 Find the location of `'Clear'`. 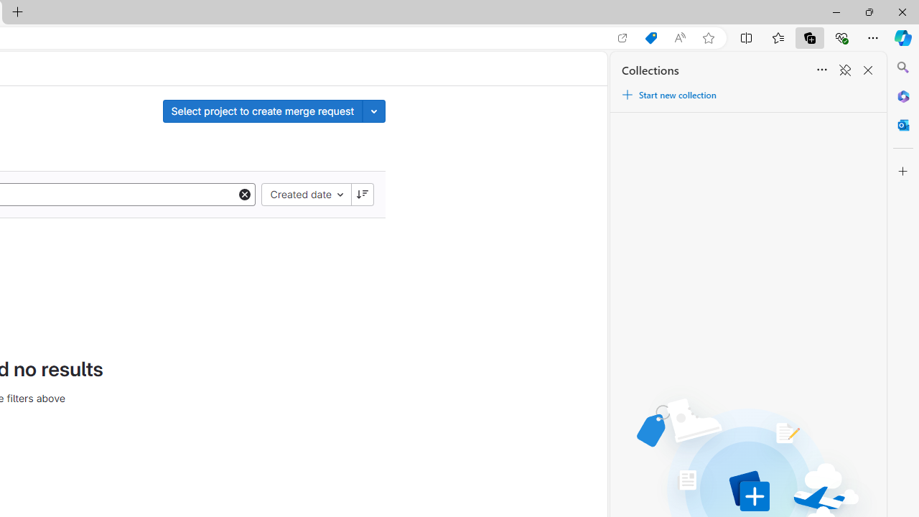

'Clear' is located at coordinates (245, 194).